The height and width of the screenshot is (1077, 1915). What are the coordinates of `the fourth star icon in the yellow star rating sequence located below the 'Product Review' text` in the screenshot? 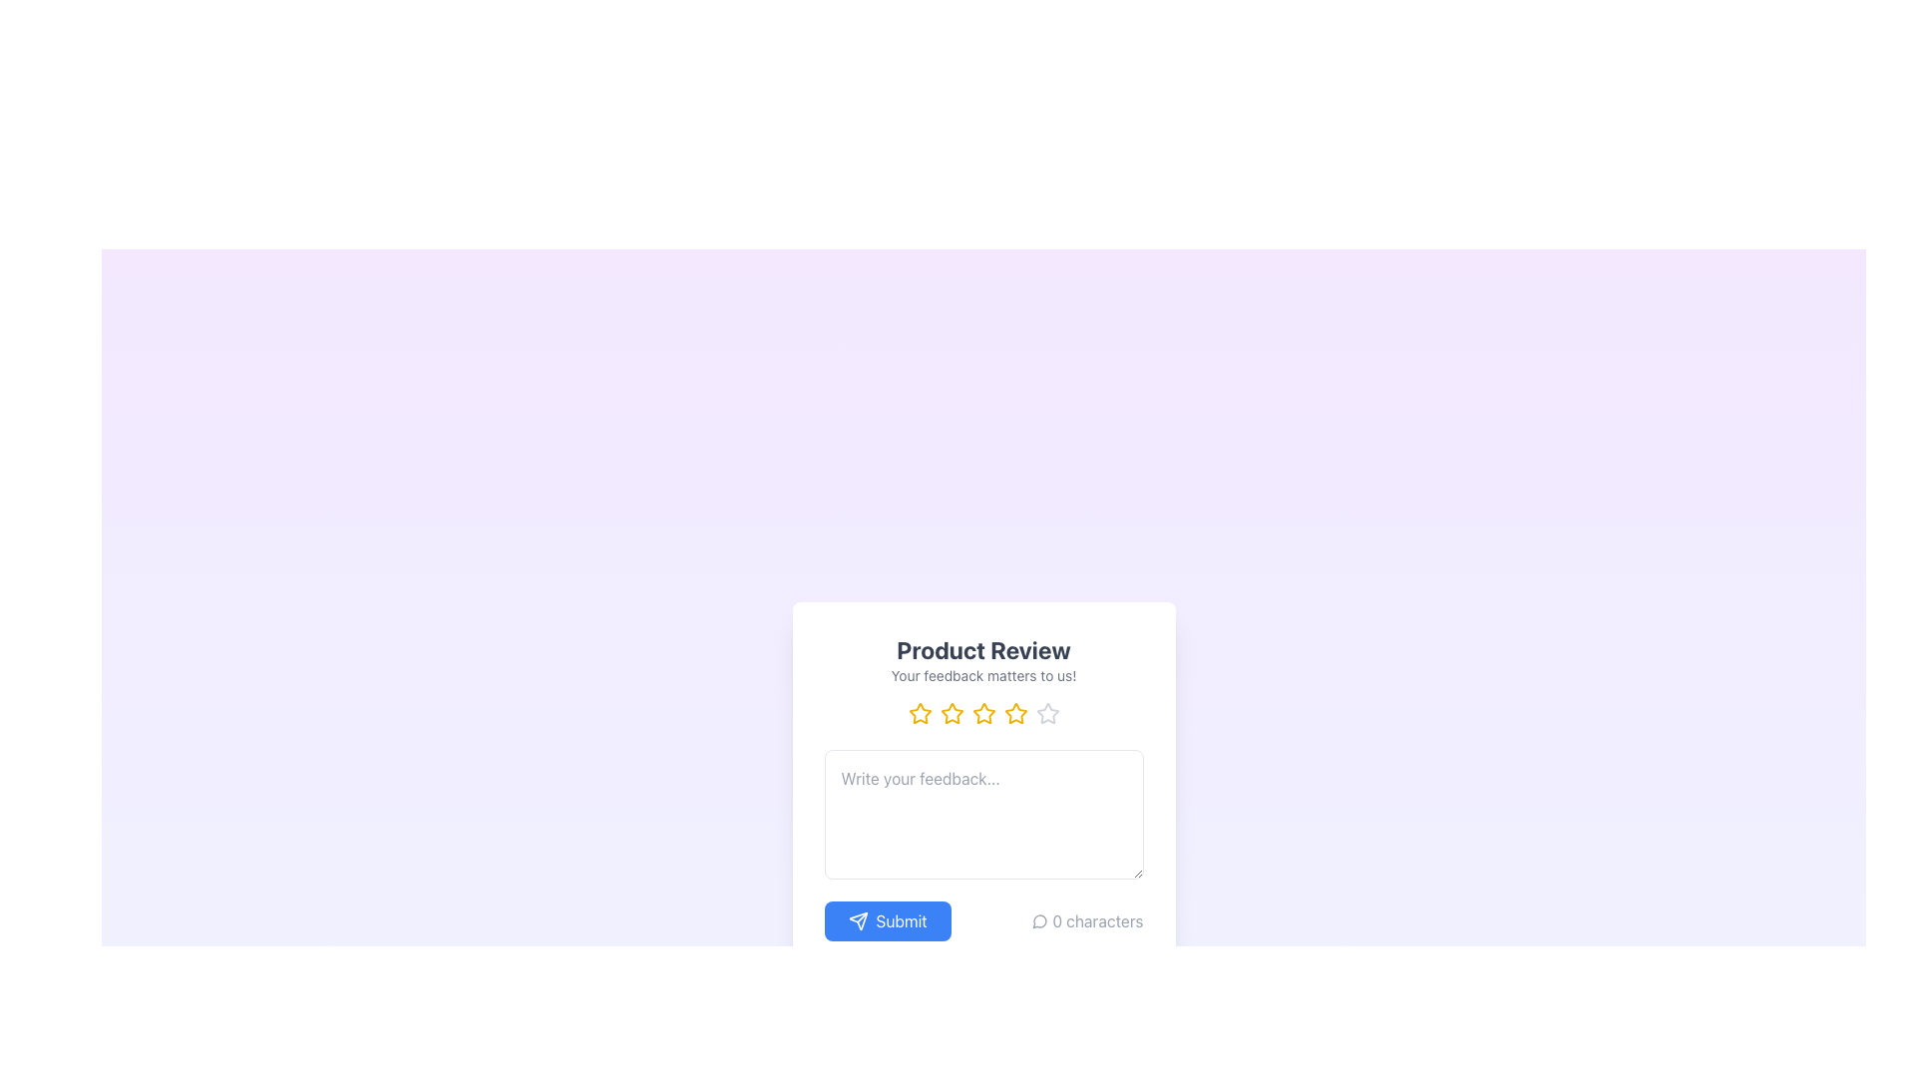 It's located at (1015, 713).